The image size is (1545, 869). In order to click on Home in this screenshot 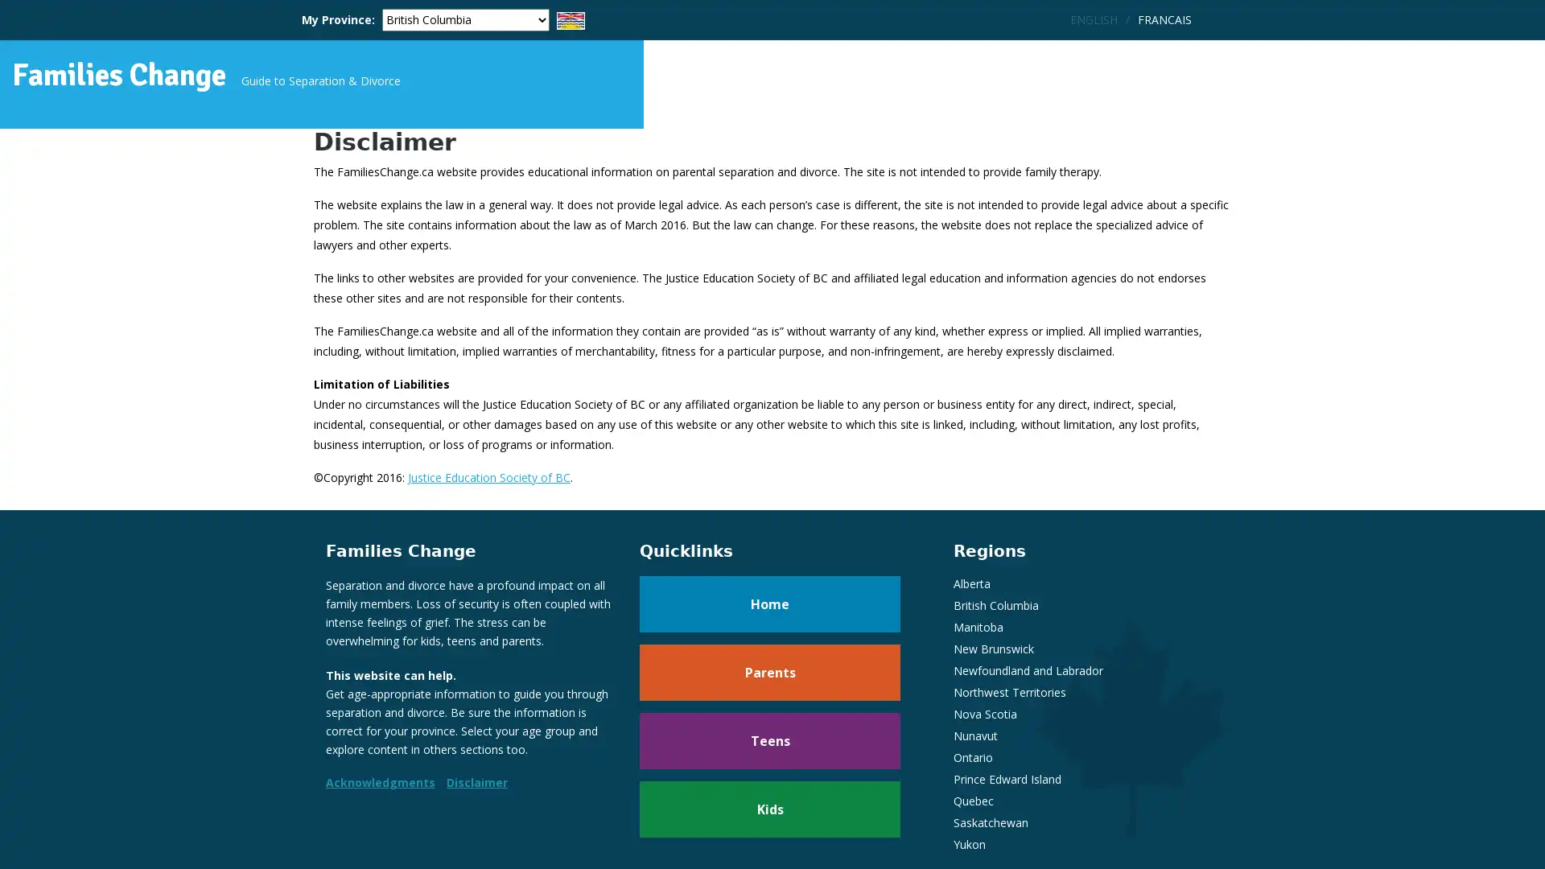, I will do `click(768, 620)`.